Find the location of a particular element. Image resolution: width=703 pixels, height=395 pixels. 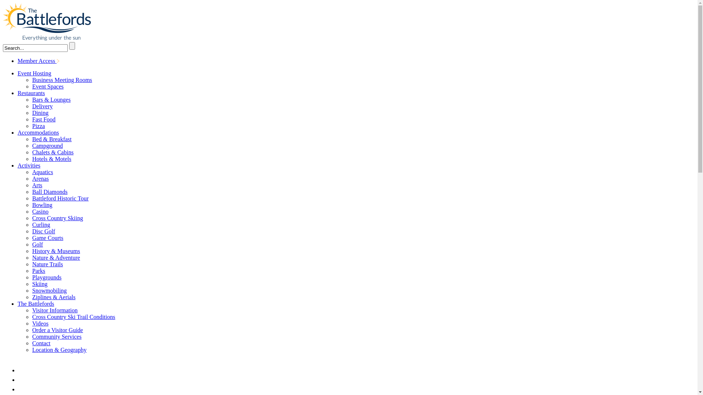

'Cross Country Ski Trail Conditions' is located at coordinates (31, 316).